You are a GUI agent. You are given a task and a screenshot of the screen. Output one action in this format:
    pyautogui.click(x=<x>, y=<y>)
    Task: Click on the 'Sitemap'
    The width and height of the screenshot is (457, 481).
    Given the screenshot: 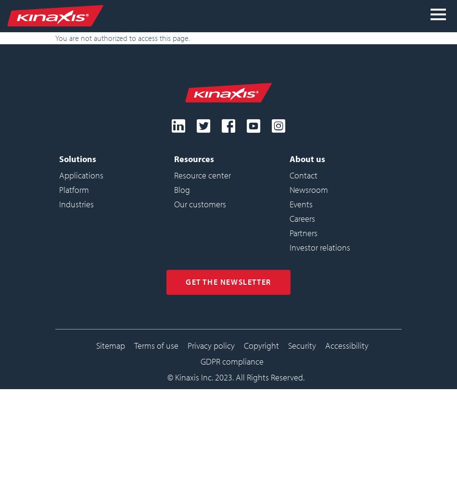 What is the action you would take?
    pyautogui.click(x=96, y=344)
    